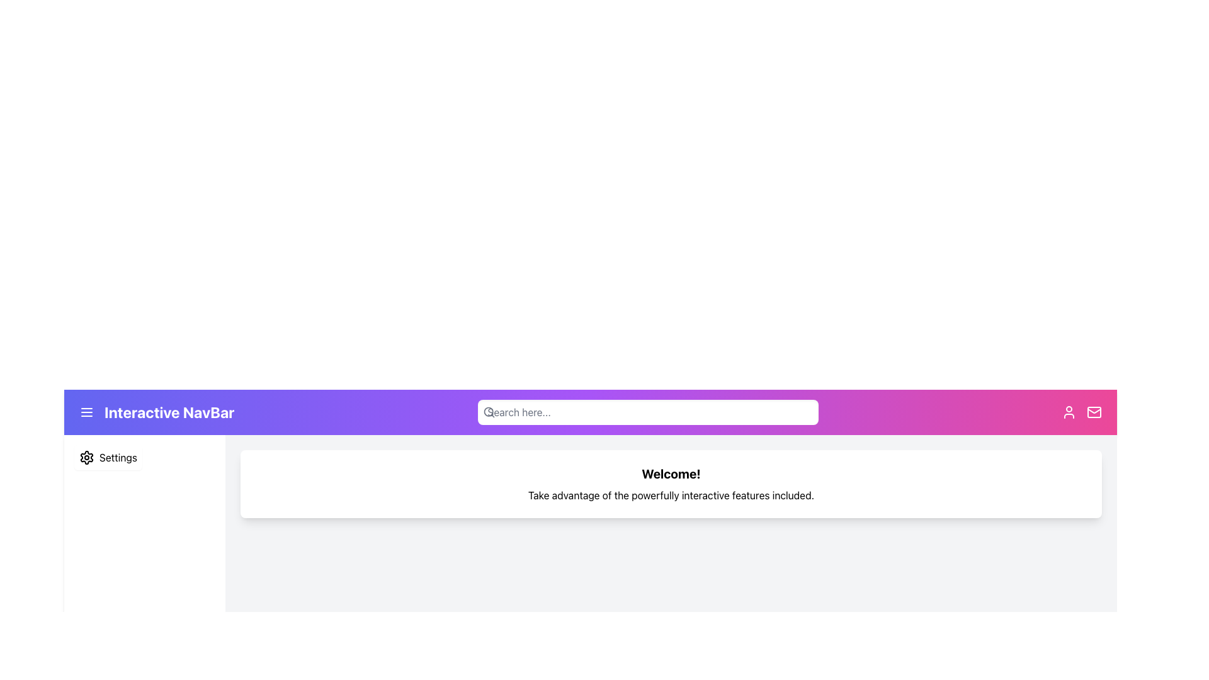 The image size is (1209, 680). What do you see at coordinates (670, 473) in the screenshot?
I see `the prominent text label that reads 'Welcome!', which is styled in bold and enlarged font and located at the top of a white, rounded box with a shadow effect` at bounding box center [670, 473].